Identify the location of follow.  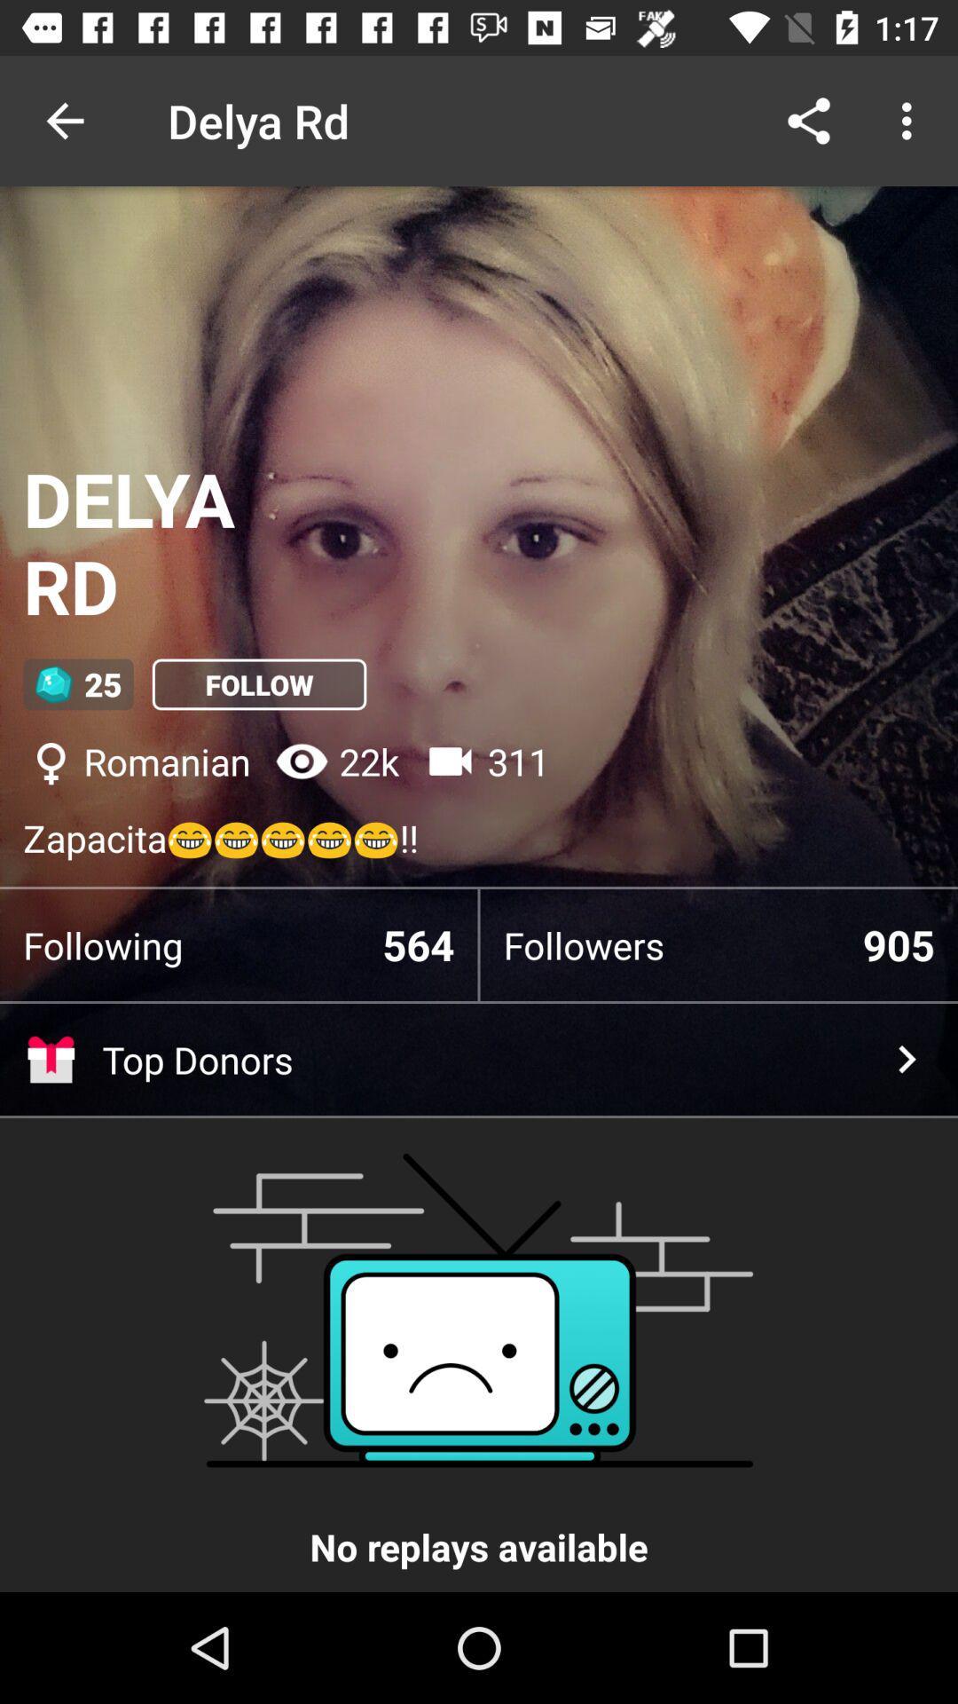
(259, 683).